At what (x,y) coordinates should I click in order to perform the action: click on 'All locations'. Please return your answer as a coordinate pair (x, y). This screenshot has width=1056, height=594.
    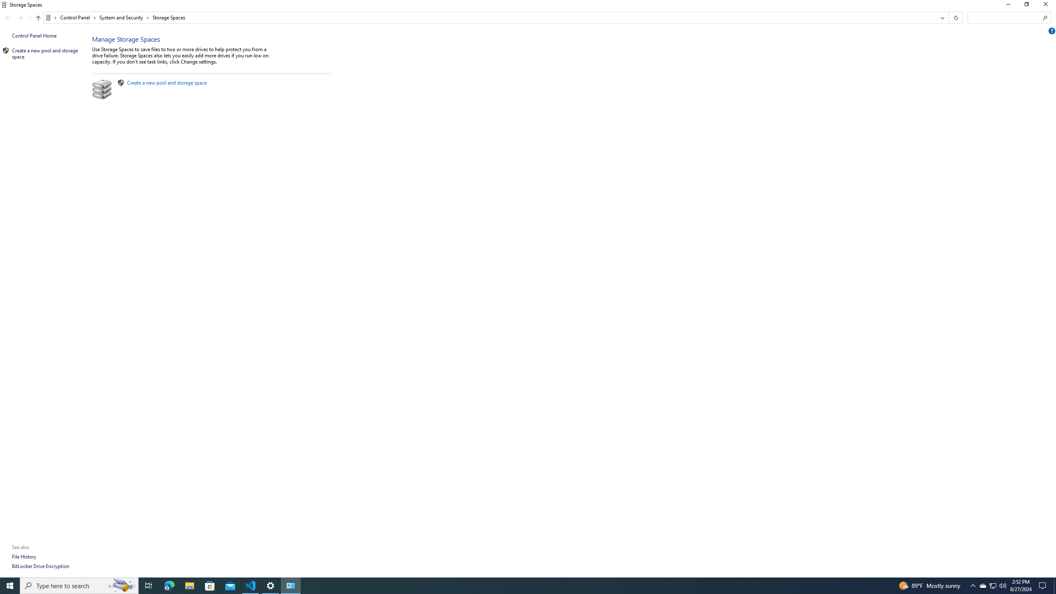
    Looking at the image, I should click on (51, 17).